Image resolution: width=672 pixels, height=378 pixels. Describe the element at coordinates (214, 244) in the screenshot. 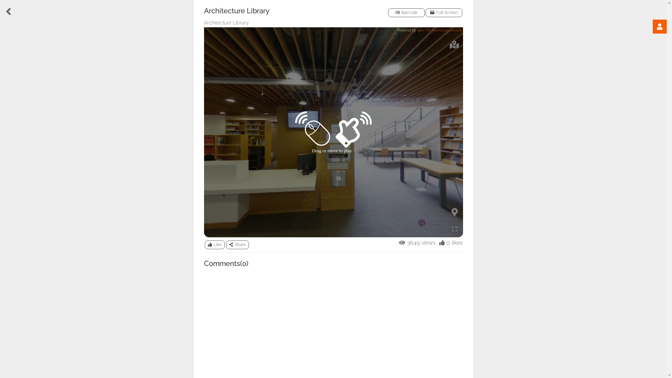

I see `'Like'` at that location.